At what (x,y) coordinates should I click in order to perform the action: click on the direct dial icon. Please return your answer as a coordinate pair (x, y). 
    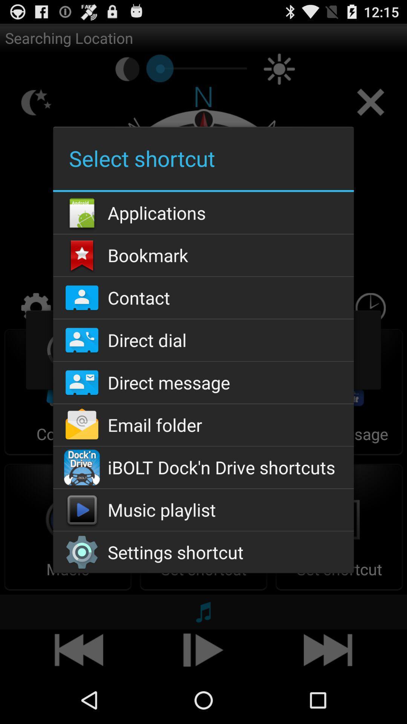
    Looking at the image, I should click on (203, 340).